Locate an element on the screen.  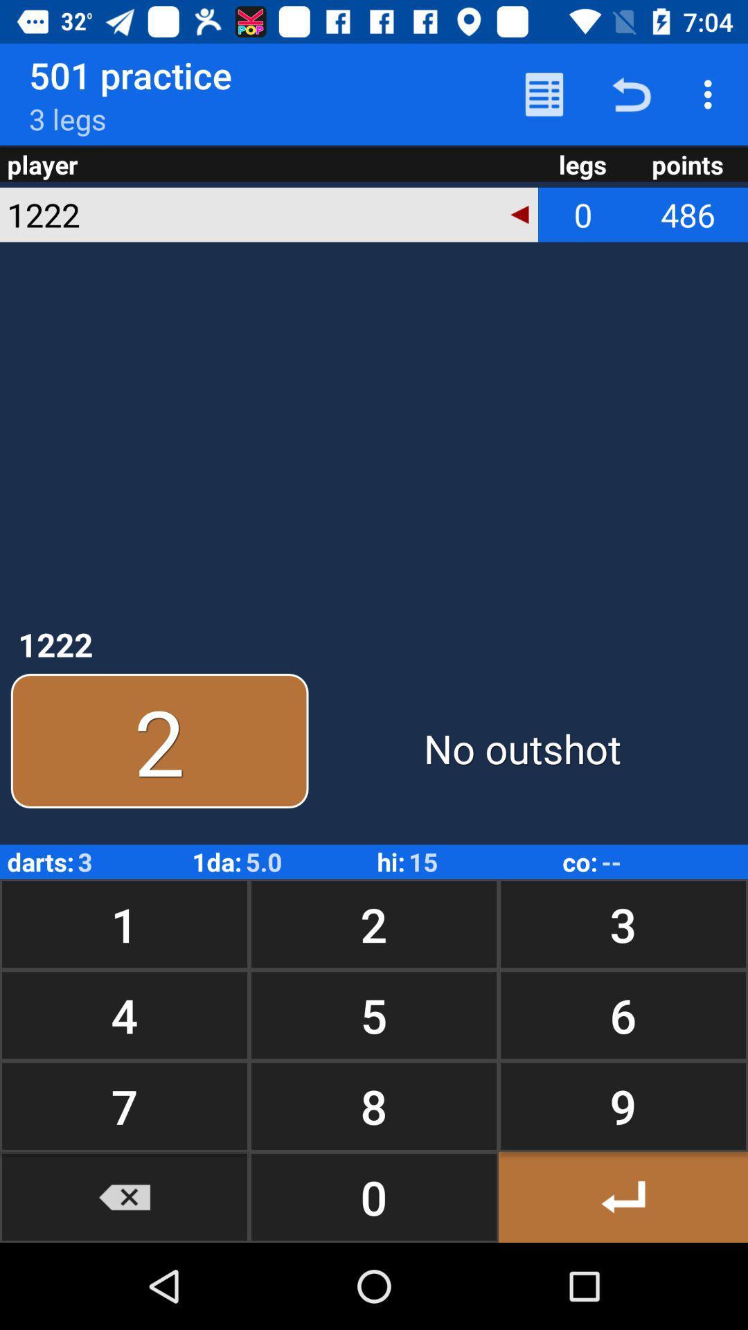
button to the right of 8 button is located at coordinates (622, 1196).